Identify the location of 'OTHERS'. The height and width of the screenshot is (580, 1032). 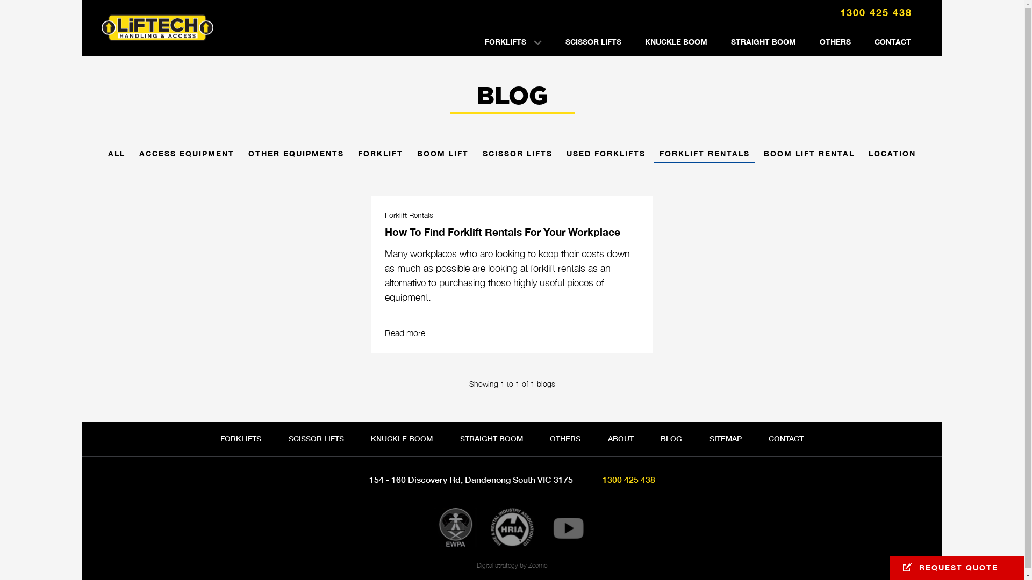
(834, 41).